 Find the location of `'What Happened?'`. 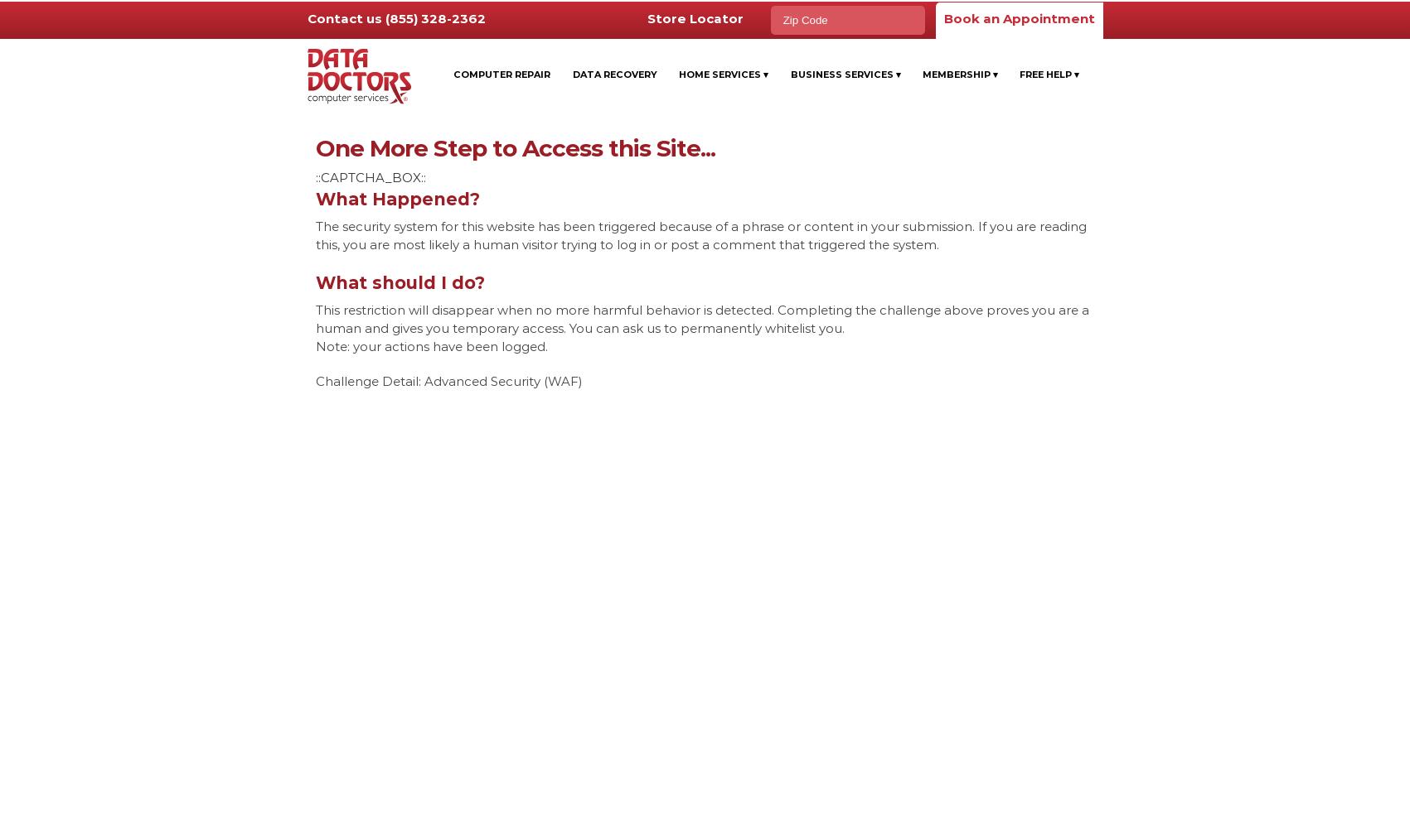

'What Happened?' is located at coordinates (396, 198).